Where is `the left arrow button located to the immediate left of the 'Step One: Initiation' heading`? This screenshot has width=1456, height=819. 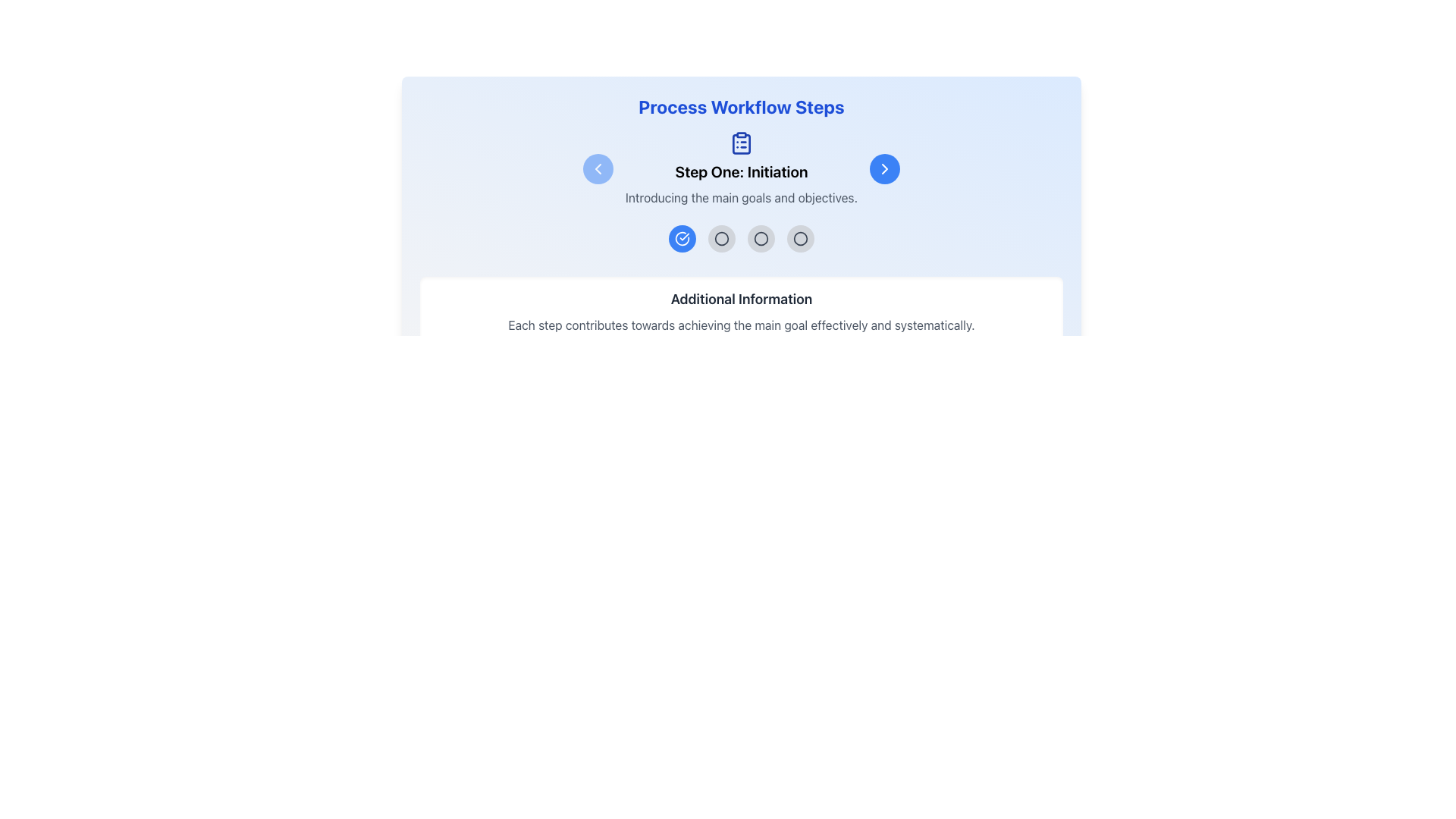
the left arrow button located to the immediate left of the 'Step One: Initiation' heading is located at coordinates (597, 169).